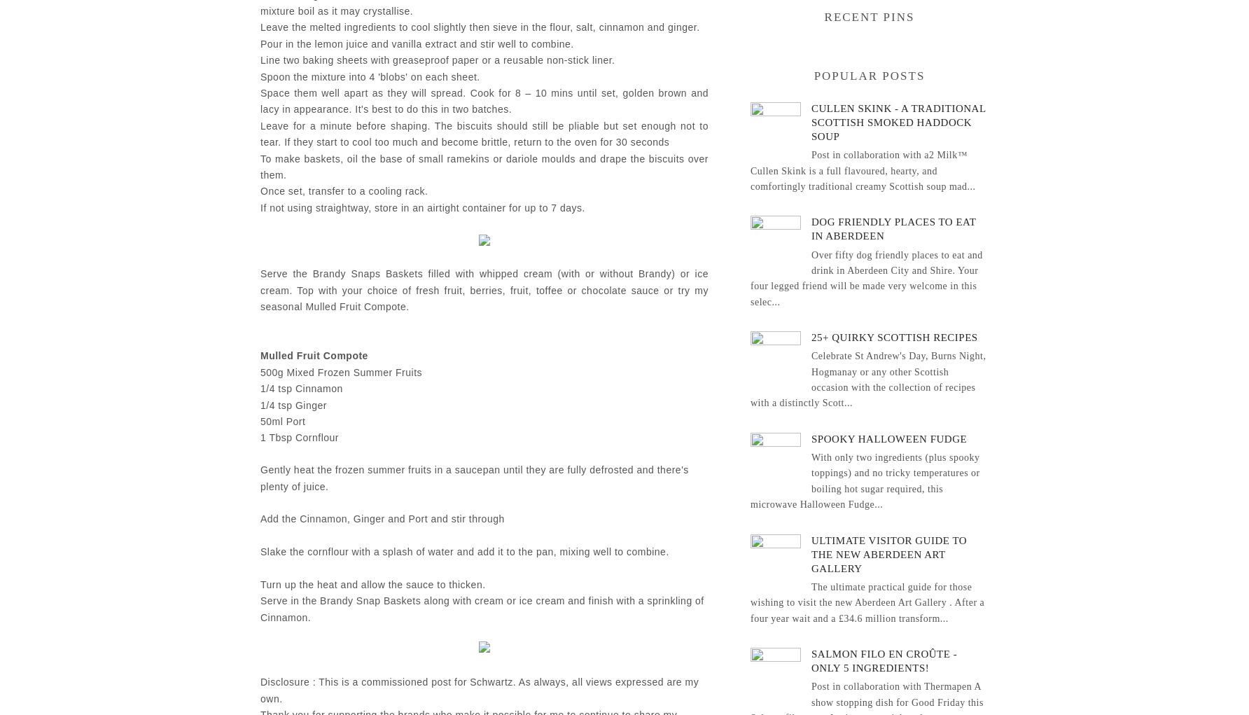 This screenshot has height=715, width=1249. I want to click on 'Salmon Filo en Croûte - only 5 ingredients!', so click(884, 660).